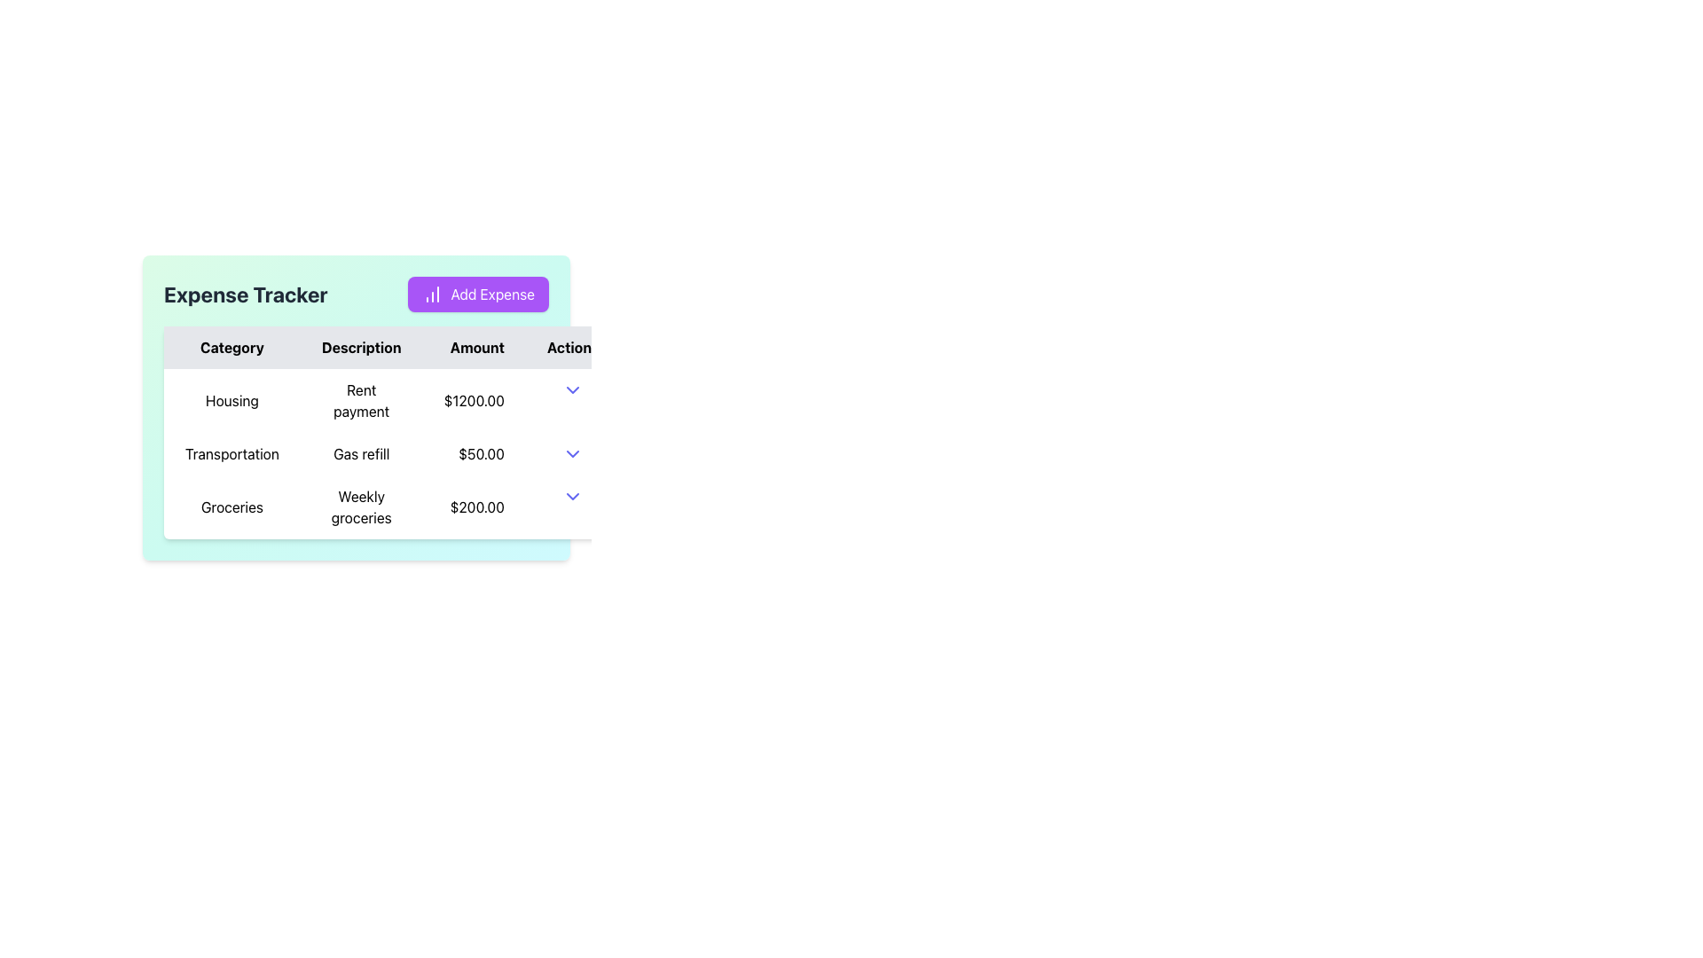  What do you see at coordinates (391, 506) in the screenshot?
I see `the third table row summarizing an expense item, which displays its category, description, and amount, and allows interaction via an action button` at bounding box center [391, 506].